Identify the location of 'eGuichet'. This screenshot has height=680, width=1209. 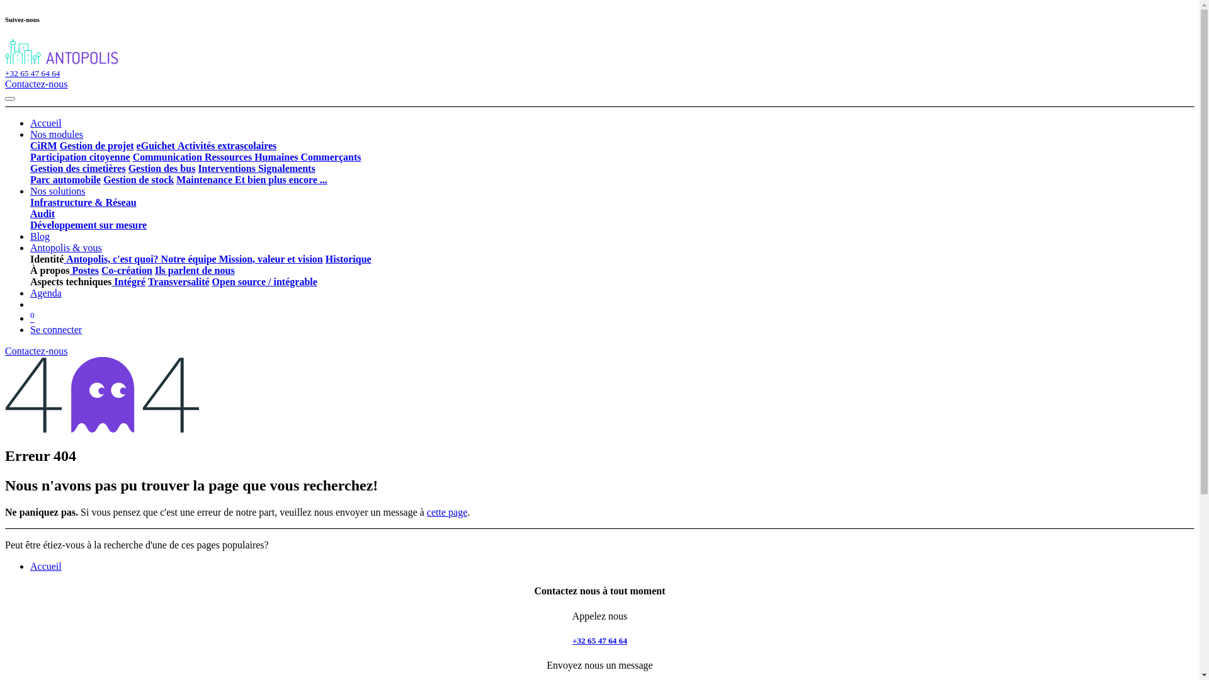
(155, 145).